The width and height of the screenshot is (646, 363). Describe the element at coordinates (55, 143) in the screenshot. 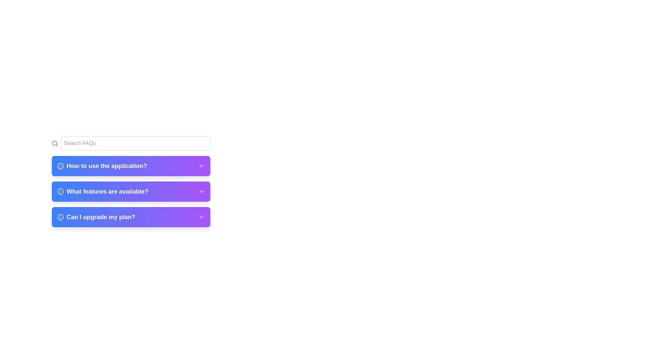

I see `the magnifying glass icon representing the search function, located inside the search bar at the left side near the top section of the interface` at that location.